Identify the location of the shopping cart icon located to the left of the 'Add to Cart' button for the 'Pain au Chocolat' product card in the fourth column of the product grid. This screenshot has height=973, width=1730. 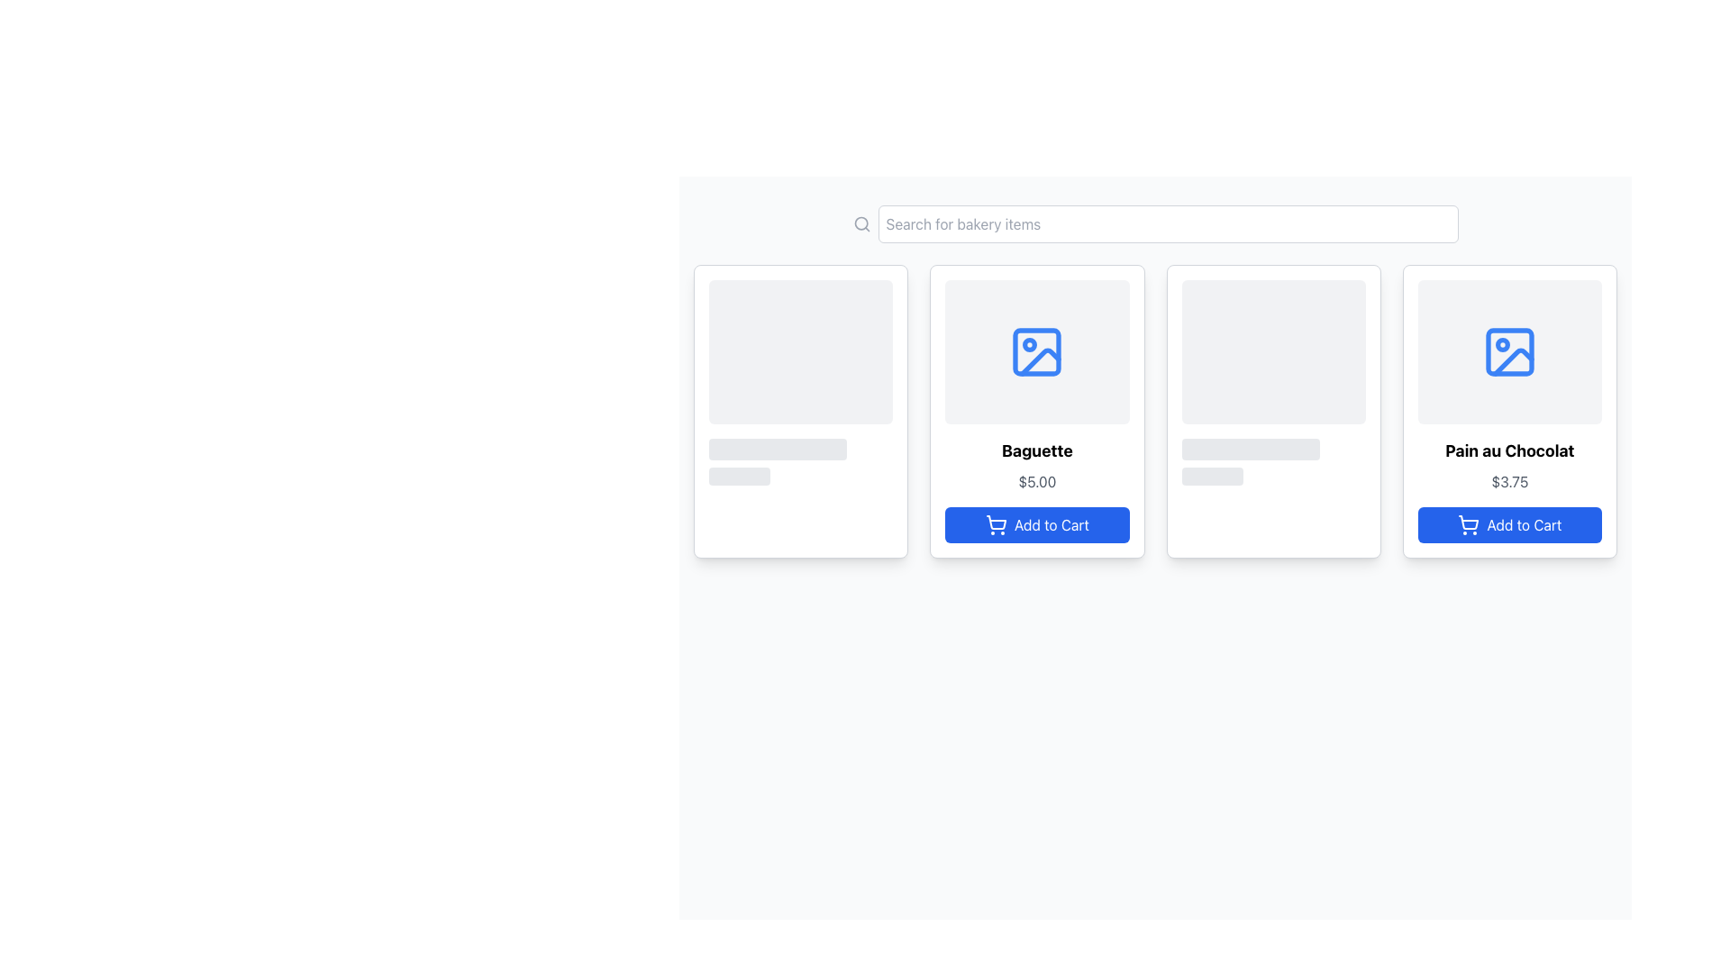
(1469, 524).